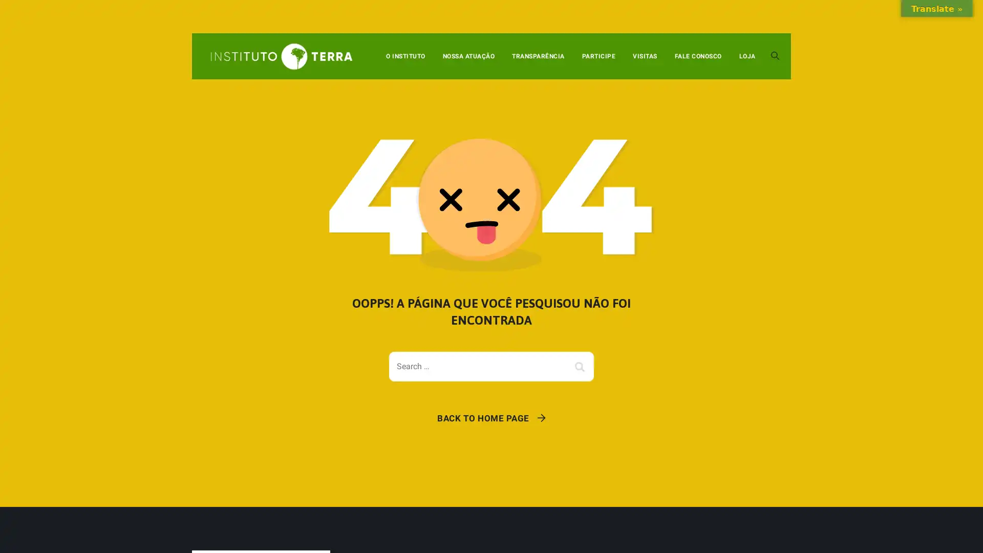  Describe the element at coordinates (959, 535) in the screenshot. I see `OK` at that location.